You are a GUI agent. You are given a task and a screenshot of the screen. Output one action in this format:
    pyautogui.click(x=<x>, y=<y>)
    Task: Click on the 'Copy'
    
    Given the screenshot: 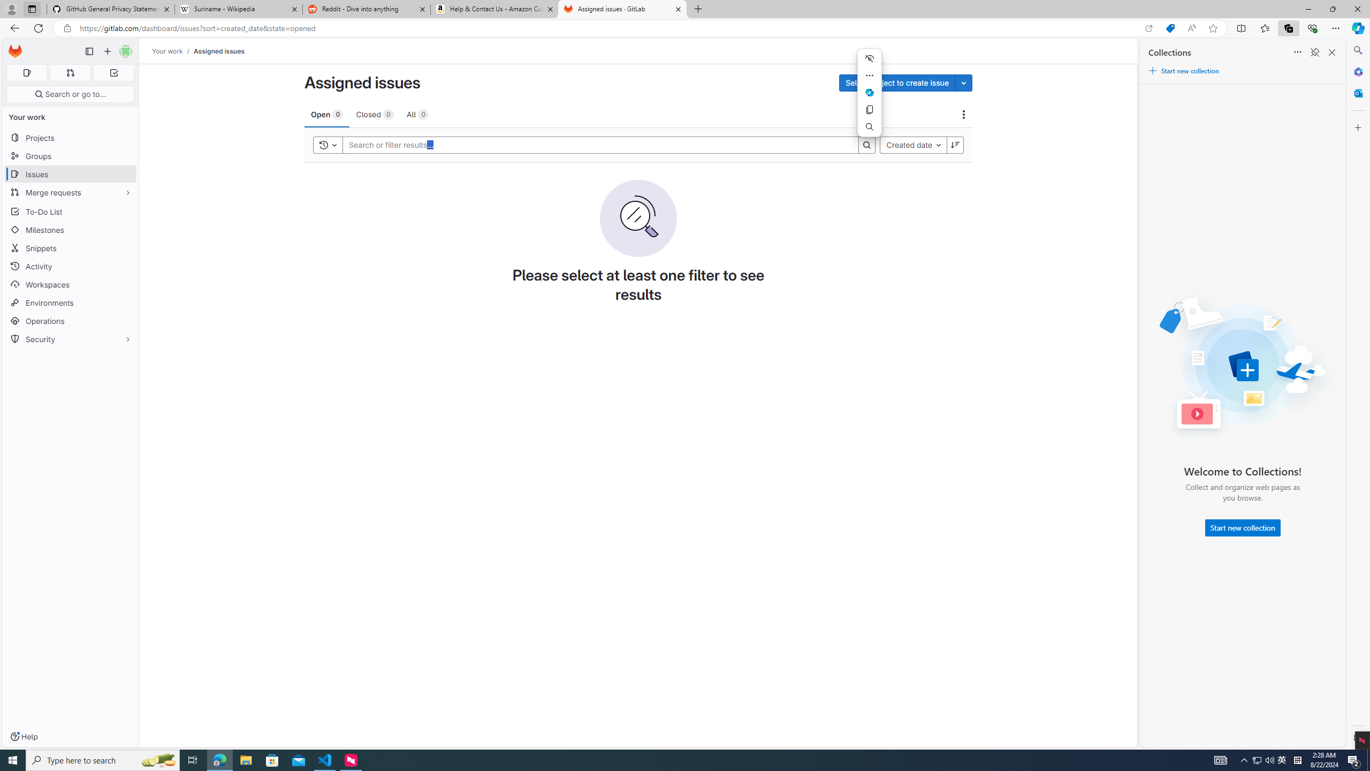 What is the action you would take?
    pyautogui.click(x=869, y=109)
    